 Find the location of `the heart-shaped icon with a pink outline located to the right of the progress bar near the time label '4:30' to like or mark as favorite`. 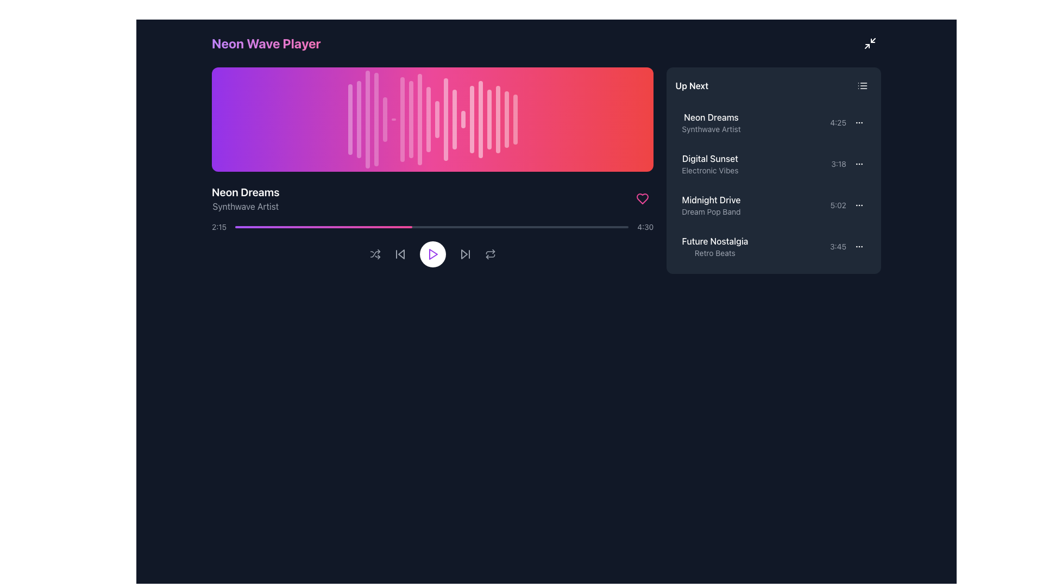

the heart-shaped icon with a pink outline located to the right of the progress bar near the time label '4:30' to like or mark as favorite is located at coordinates (643, 199).